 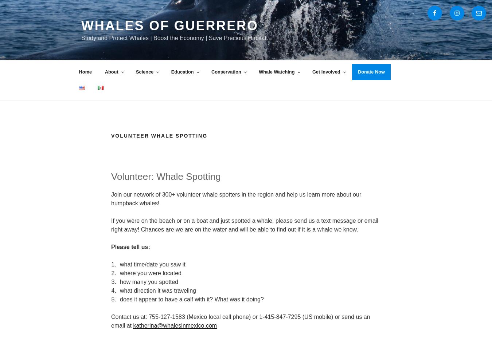 What do you see at coordinates (157, 290) in the screenshot?
I see `'what direction it was traveling'` at bounding box center [157, 290].